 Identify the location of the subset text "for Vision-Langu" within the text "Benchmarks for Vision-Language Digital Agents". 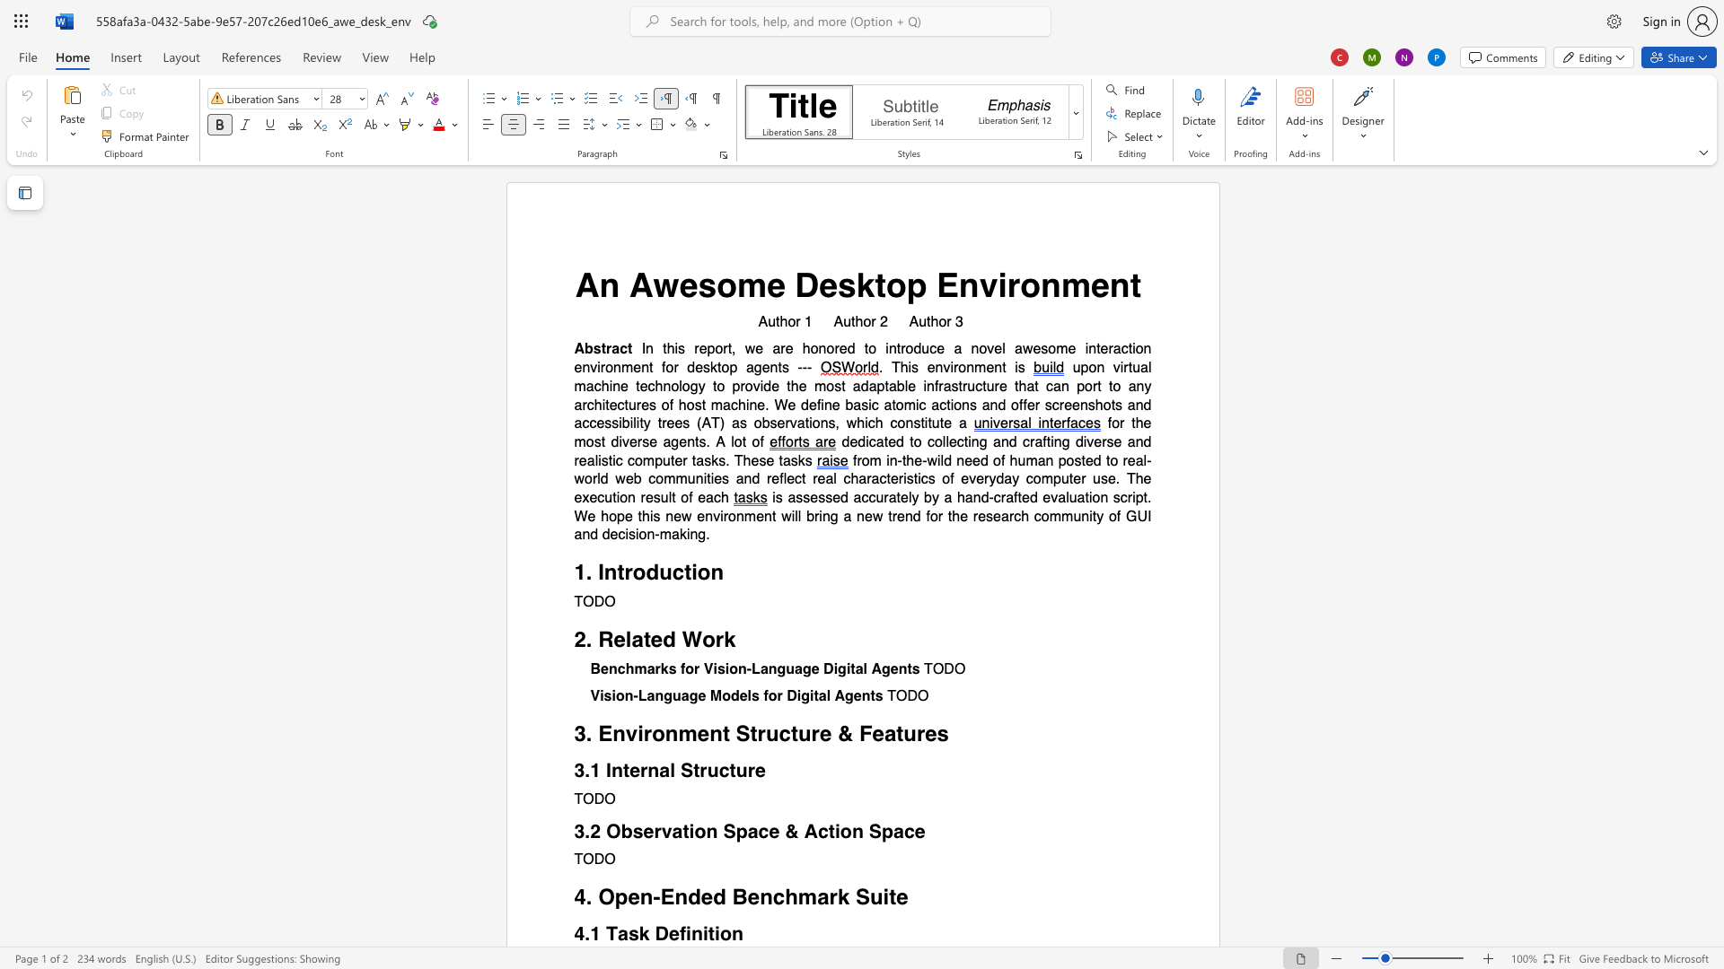
(680, 669).